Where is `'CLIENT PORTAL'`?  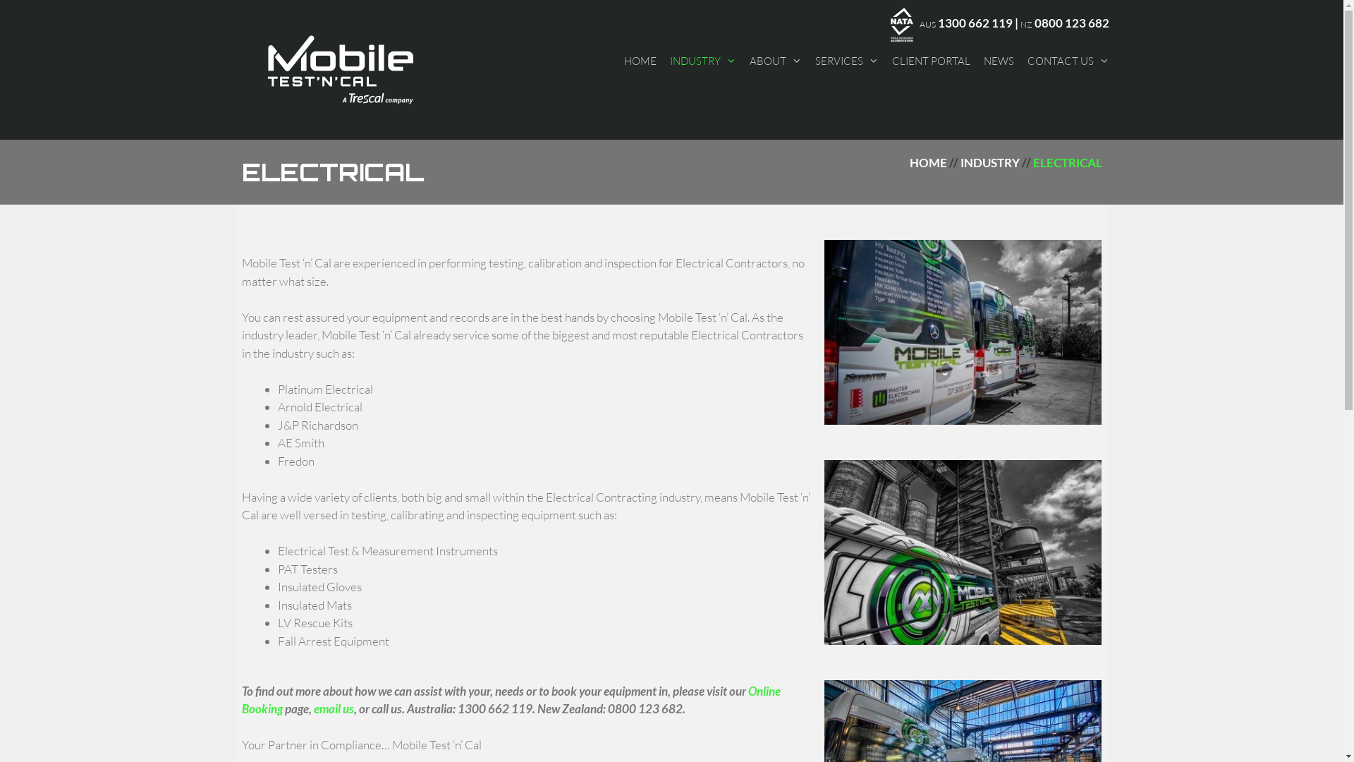 'CLIENT PORTAL' is located at coordinates (890, 59).